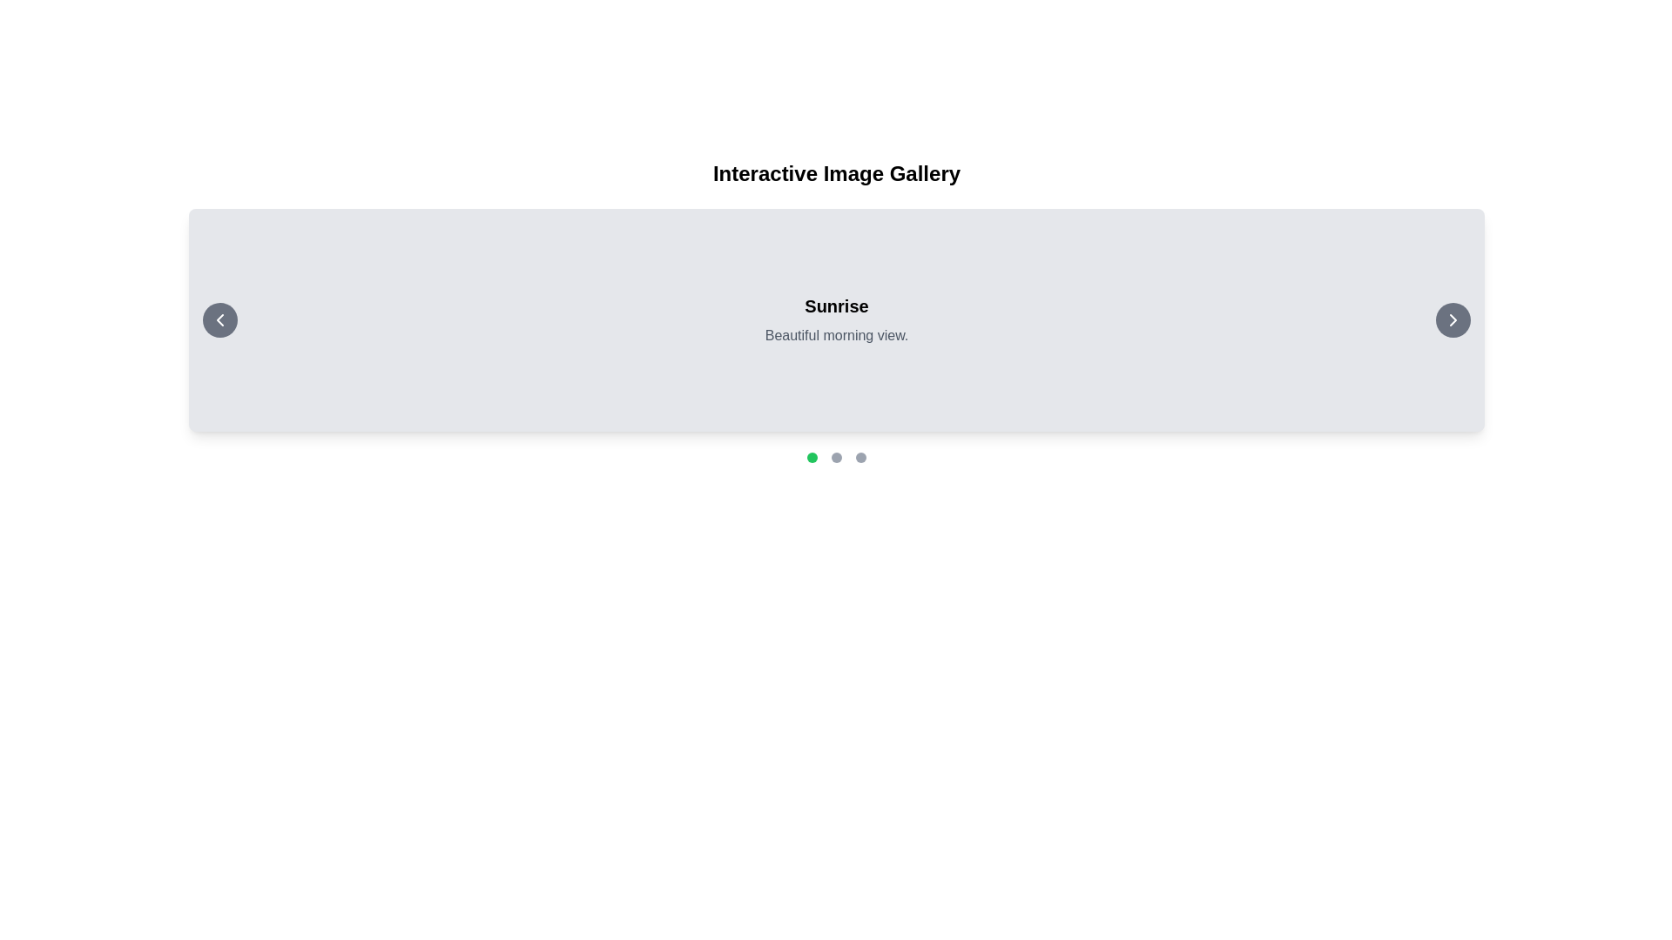  What do you see at coordinates (219, 319) in the screenshot?
I see `the circular button with a dark gray background and a white left-pointing chevron icon at its center` at bounding box center [219, 319].